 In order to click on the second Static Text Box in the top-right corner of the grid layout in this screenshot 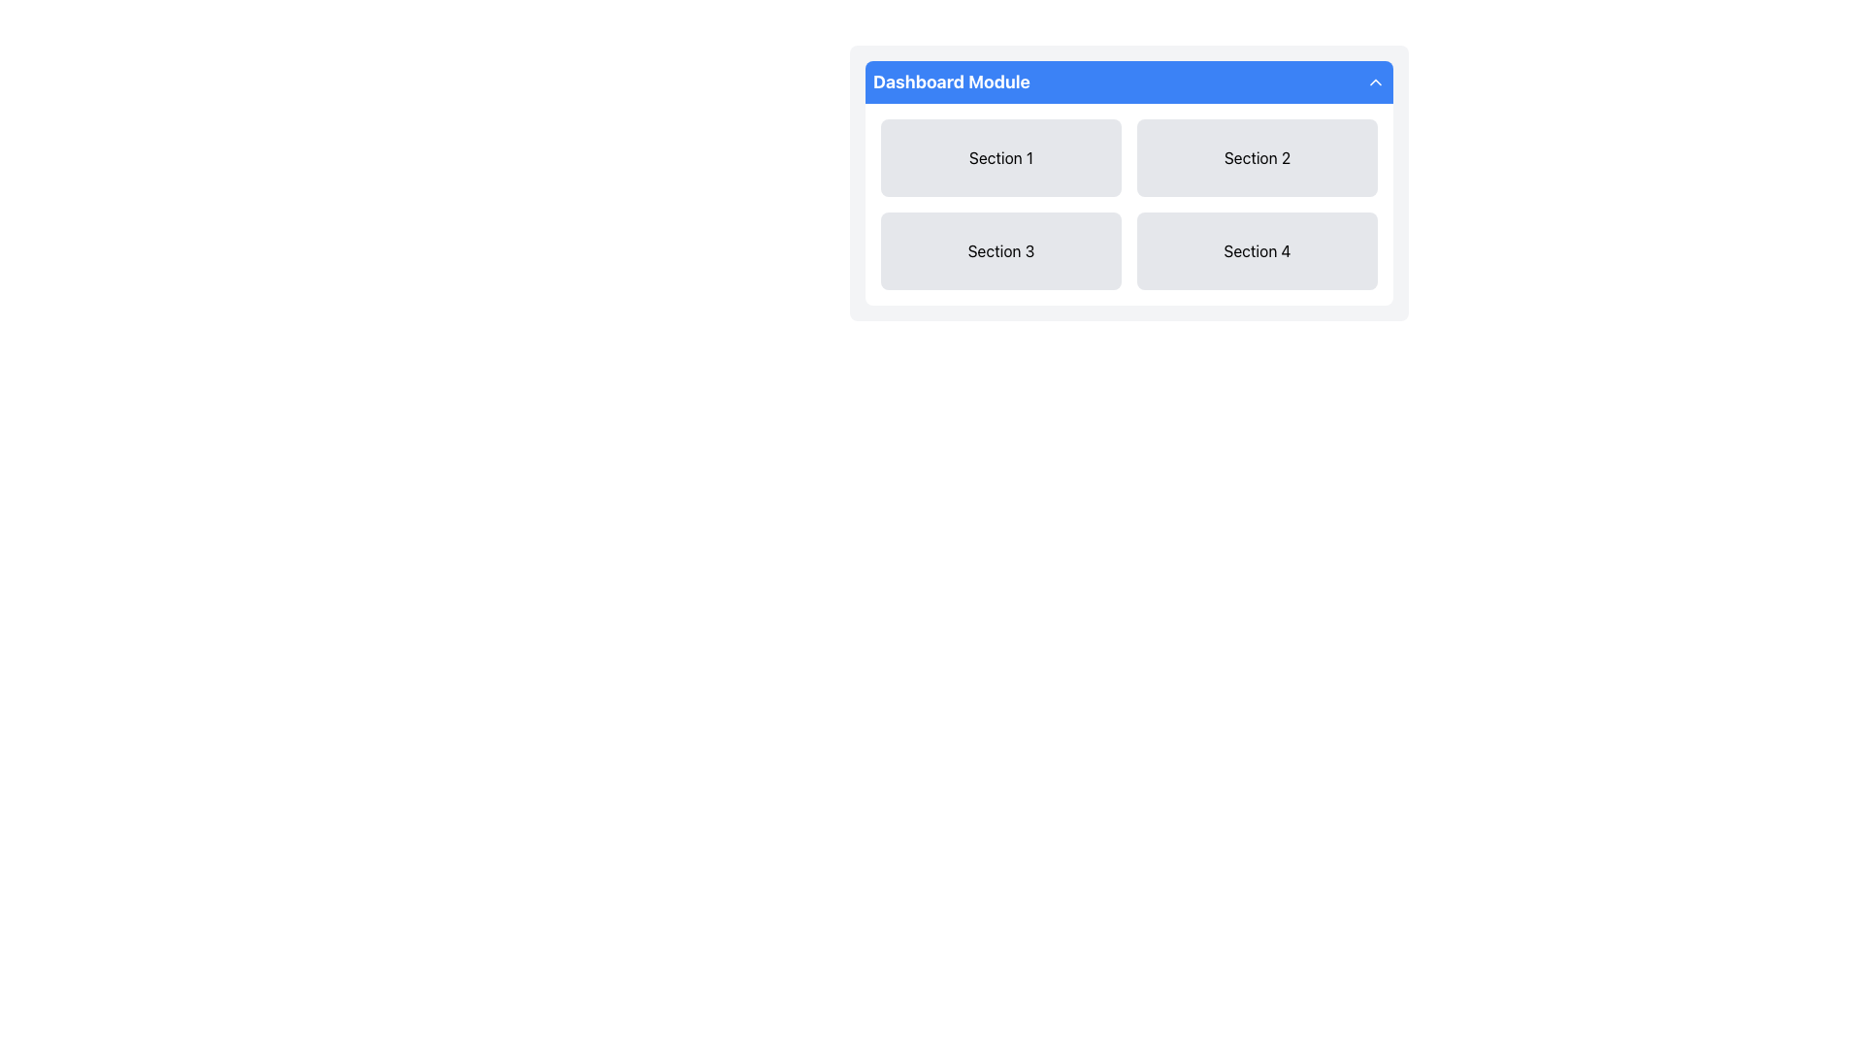, I will do `click(1258, 156)`.